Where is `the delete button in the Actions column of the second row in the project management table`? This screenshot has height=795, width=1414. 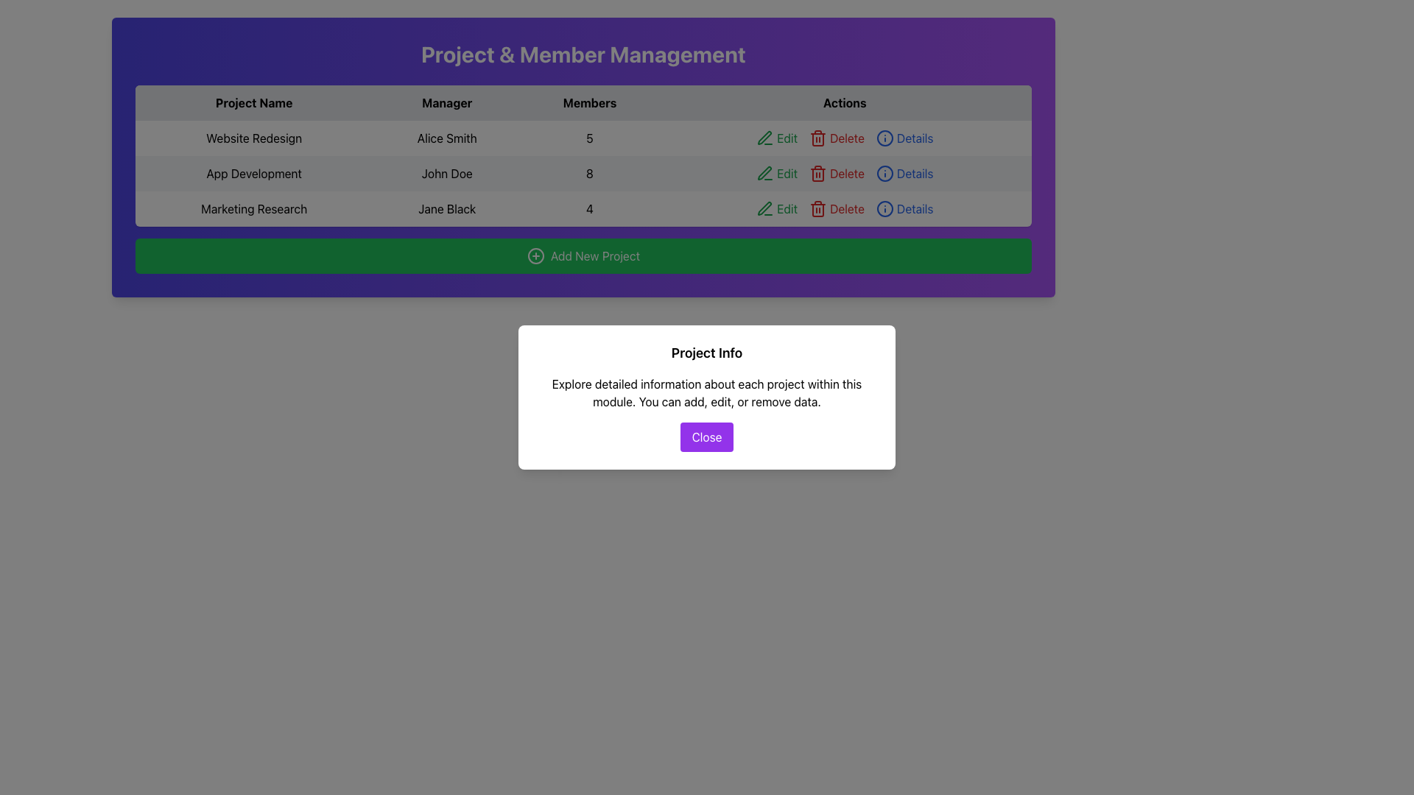
the delete button in the Actions column of the second row in the project management table is located at coordinates (837, 172).